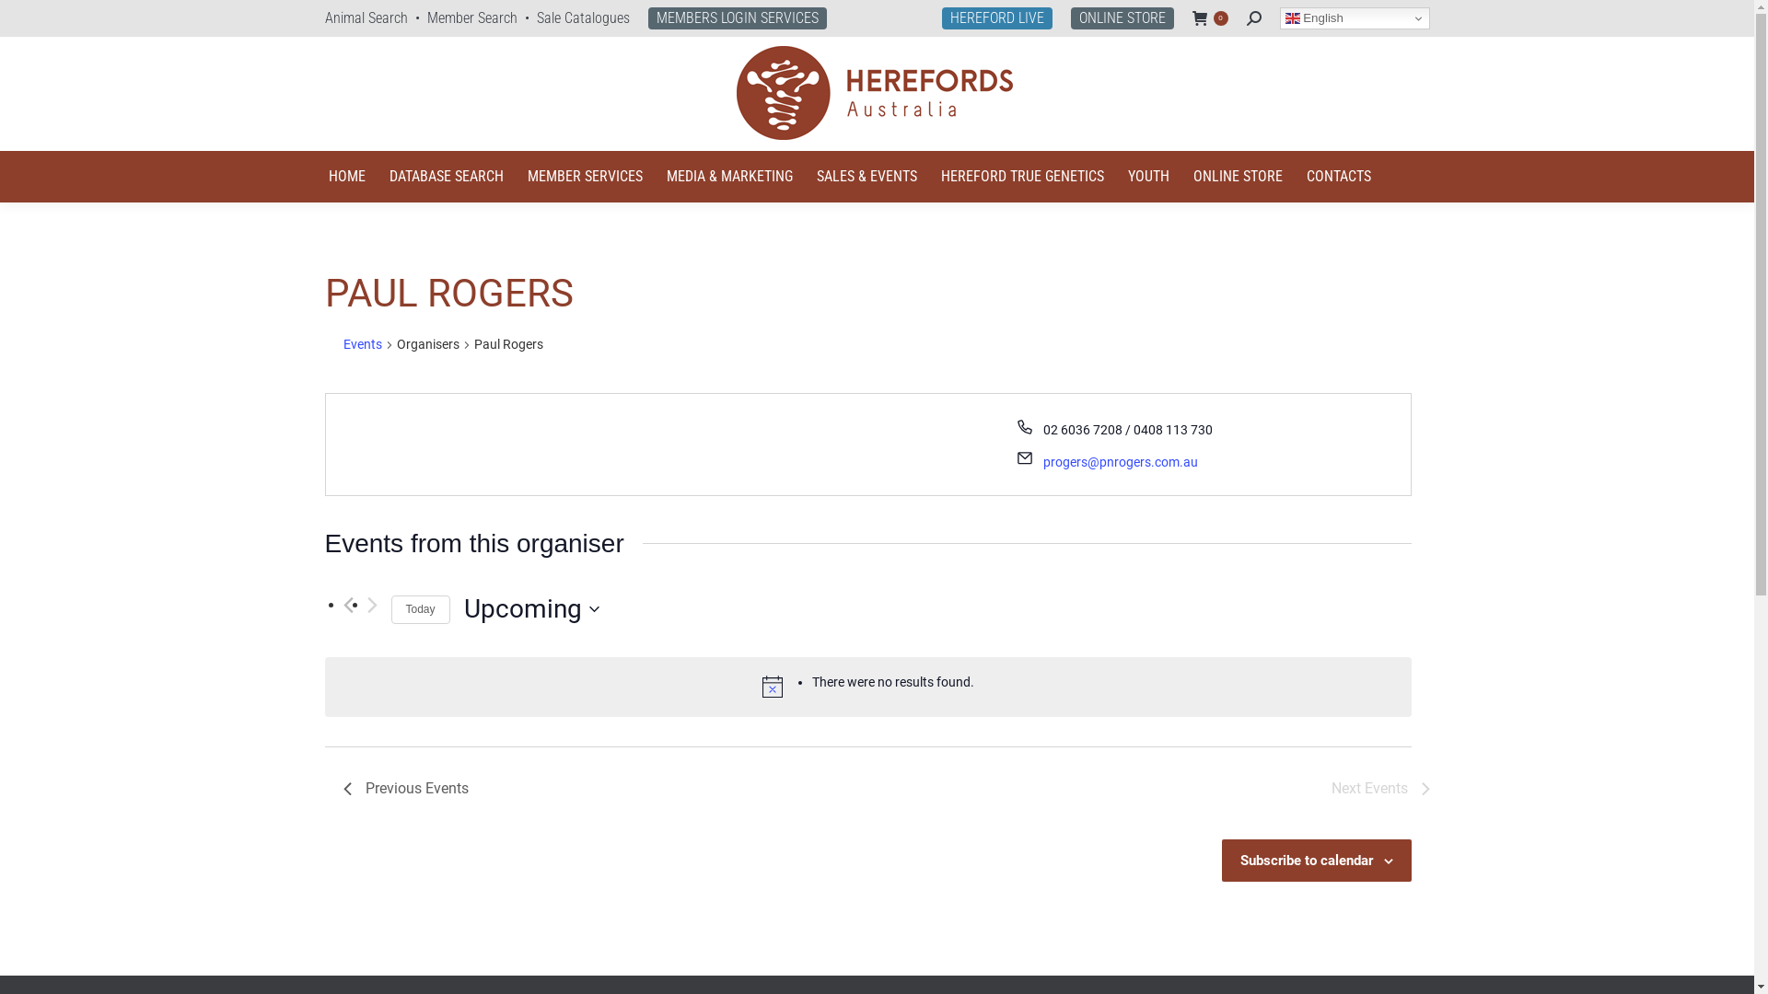 Image resolution: width=1768 pixels, height=994 pixels. I want to click on 'Previous Events', so click(343, 787).